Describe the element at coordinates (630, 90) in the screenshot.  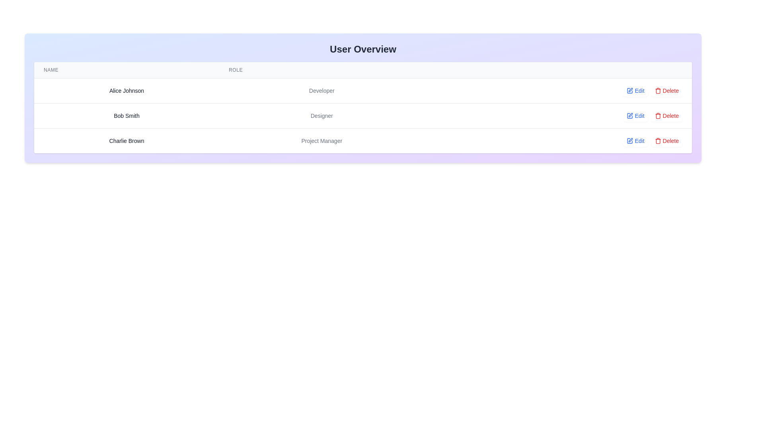
I see `the edit icon, which resembles a pen or edit tool, located at the beginning of the action buttons for the first user in the list` at that location.